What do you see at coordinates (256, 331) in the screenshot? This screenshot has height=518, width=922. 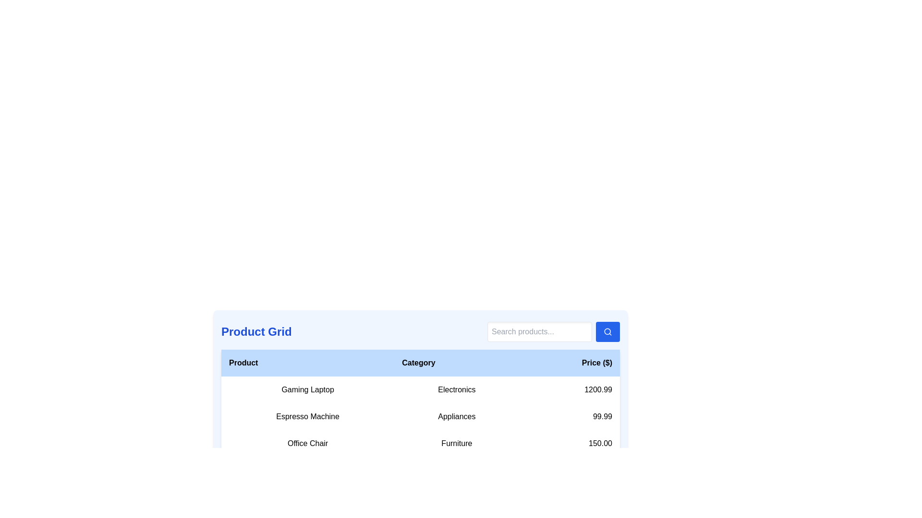 I see `the text label displaying 'Product Grid' in bold, large blue font located at the top-left side of the section` at bounding box center [256, 331].